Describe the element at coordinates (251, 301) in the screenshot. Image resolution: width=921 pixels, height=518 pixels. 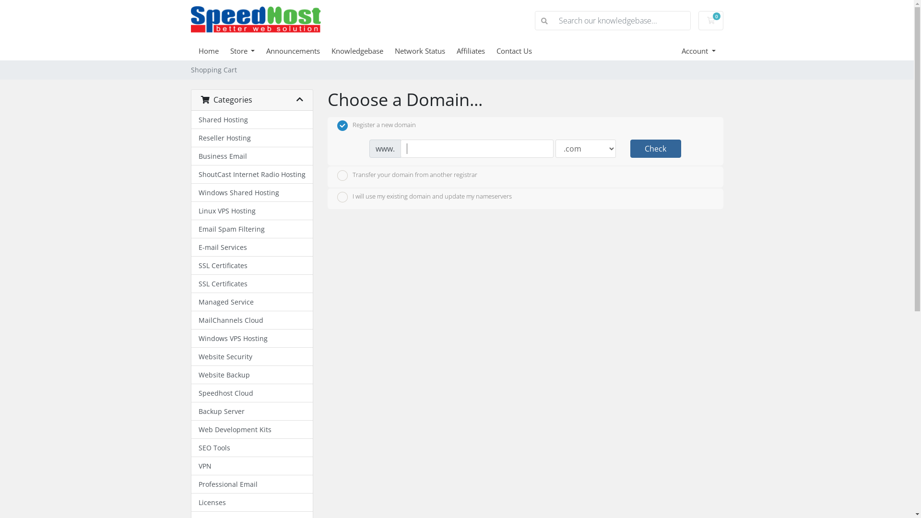
I see `'Managed Service'` at that location.